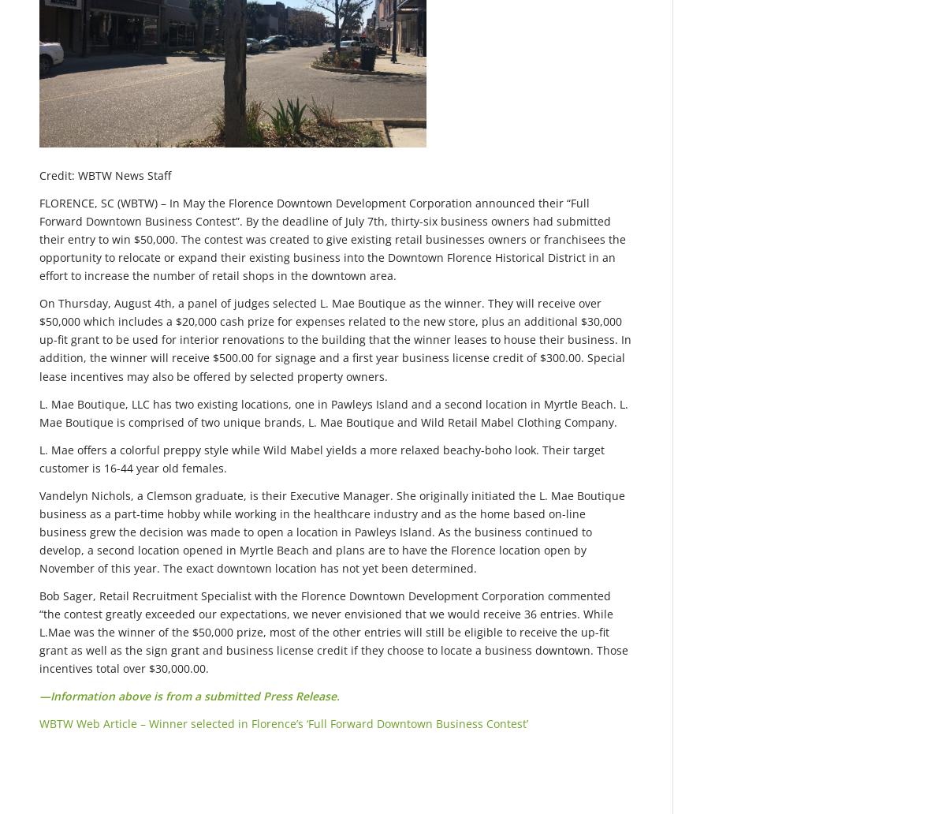 The width and height of the screenshot is (946, 814). Describe the element at coordinates (284, 723) in the screenshot. I see `'WBTW Web Article – Winner selected in Florence’s ‘Full Forward Downtown Business Contest’'` at that location.